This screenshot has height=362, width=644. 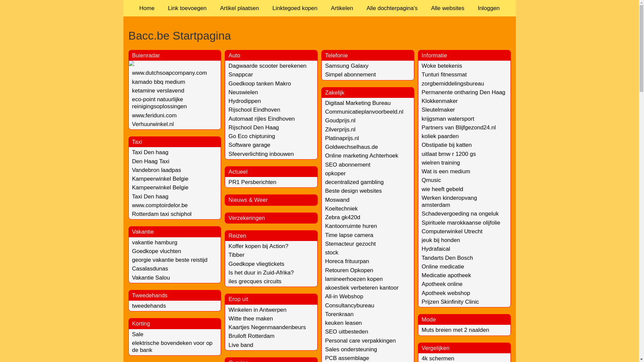 What do you see at coordinates (246, 218) in the screenshot?
I see `'Verzekeringen'` at bounding box center [246, 218].